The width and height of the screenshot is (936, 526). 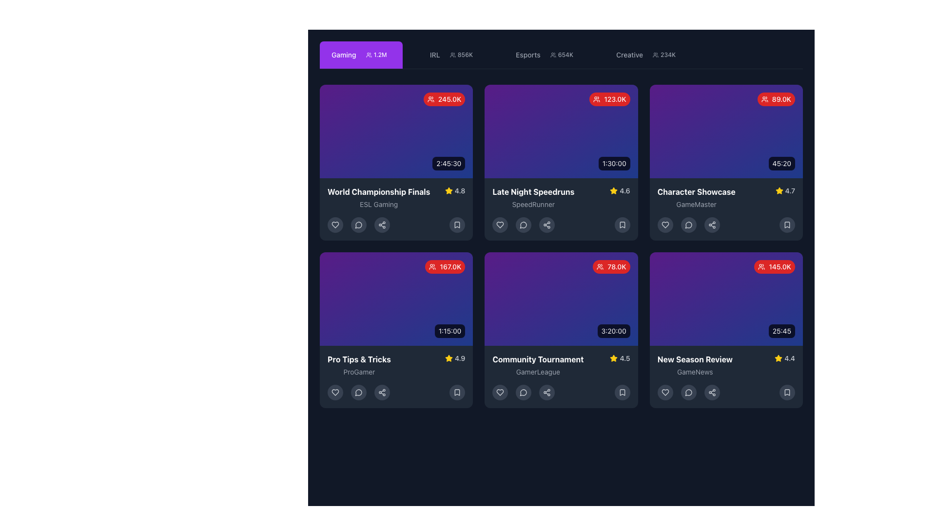 What do you see at coordinates (615, 99) in the screenshot?
I see `the text label indicating the number of viewers or participants for the 'Late Night Speedruns' card located in the top-right corner of the card` at bounding box center [615, 99].